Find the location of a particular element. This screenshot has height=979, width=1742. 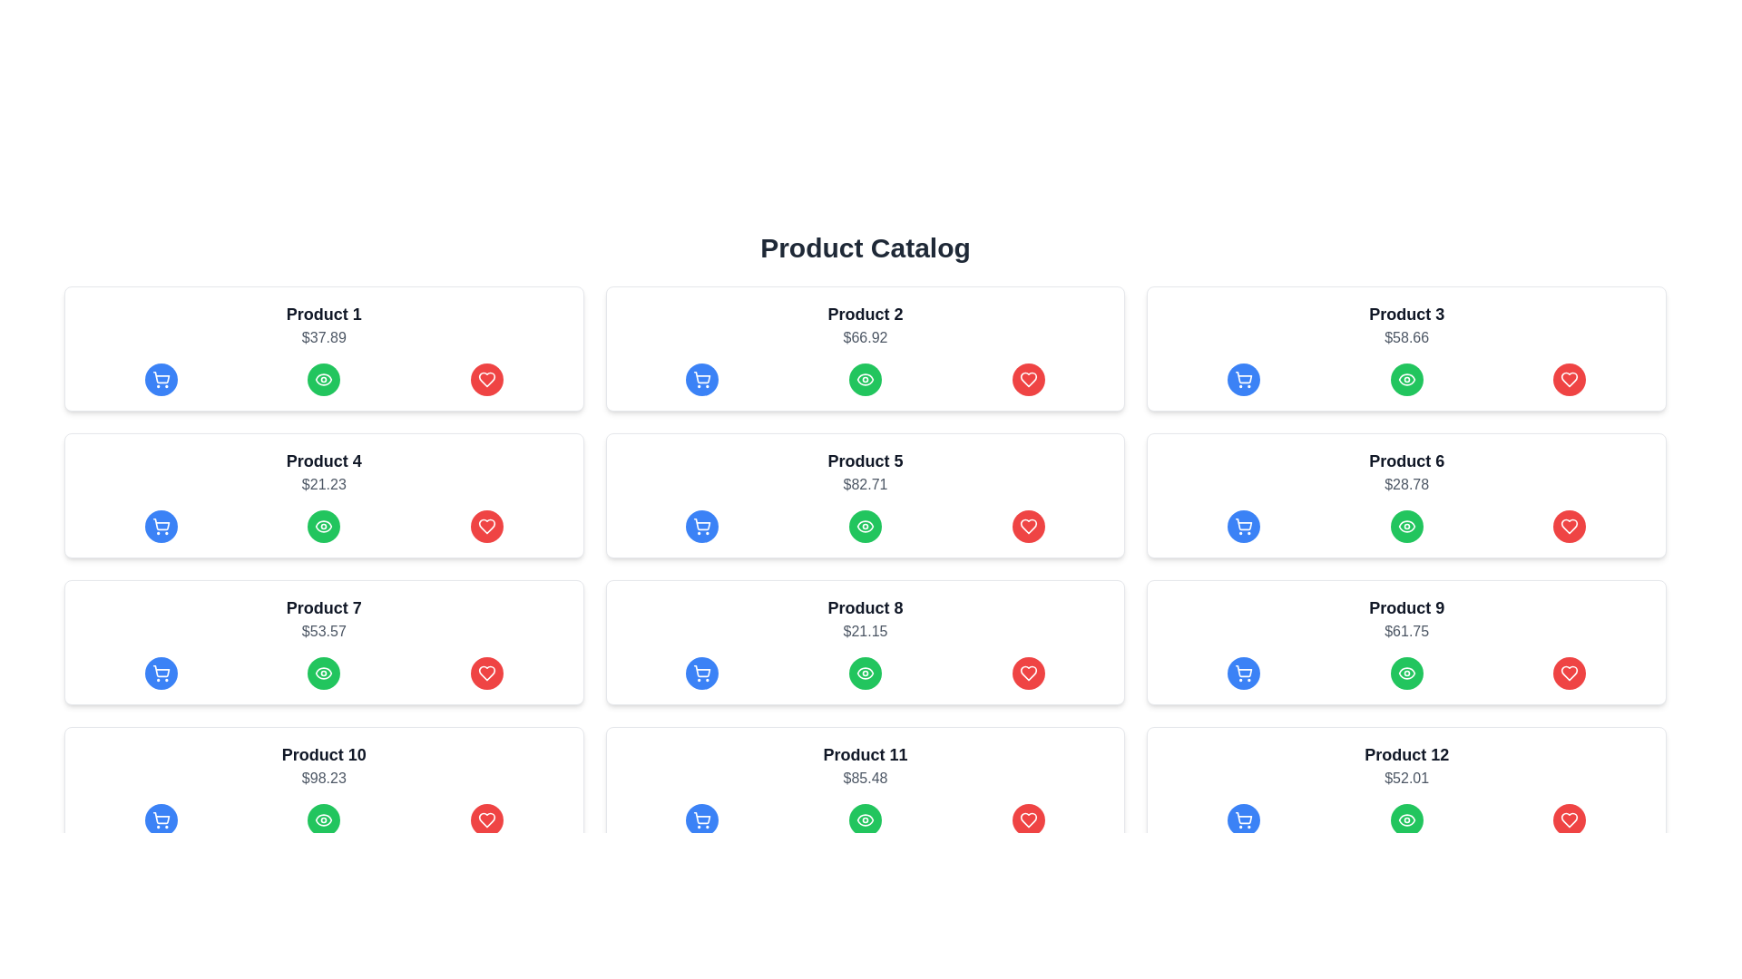

the icon button located at the leftmost position within a triplet set of action icons under Product 4 is located at coordinates (161, 376).